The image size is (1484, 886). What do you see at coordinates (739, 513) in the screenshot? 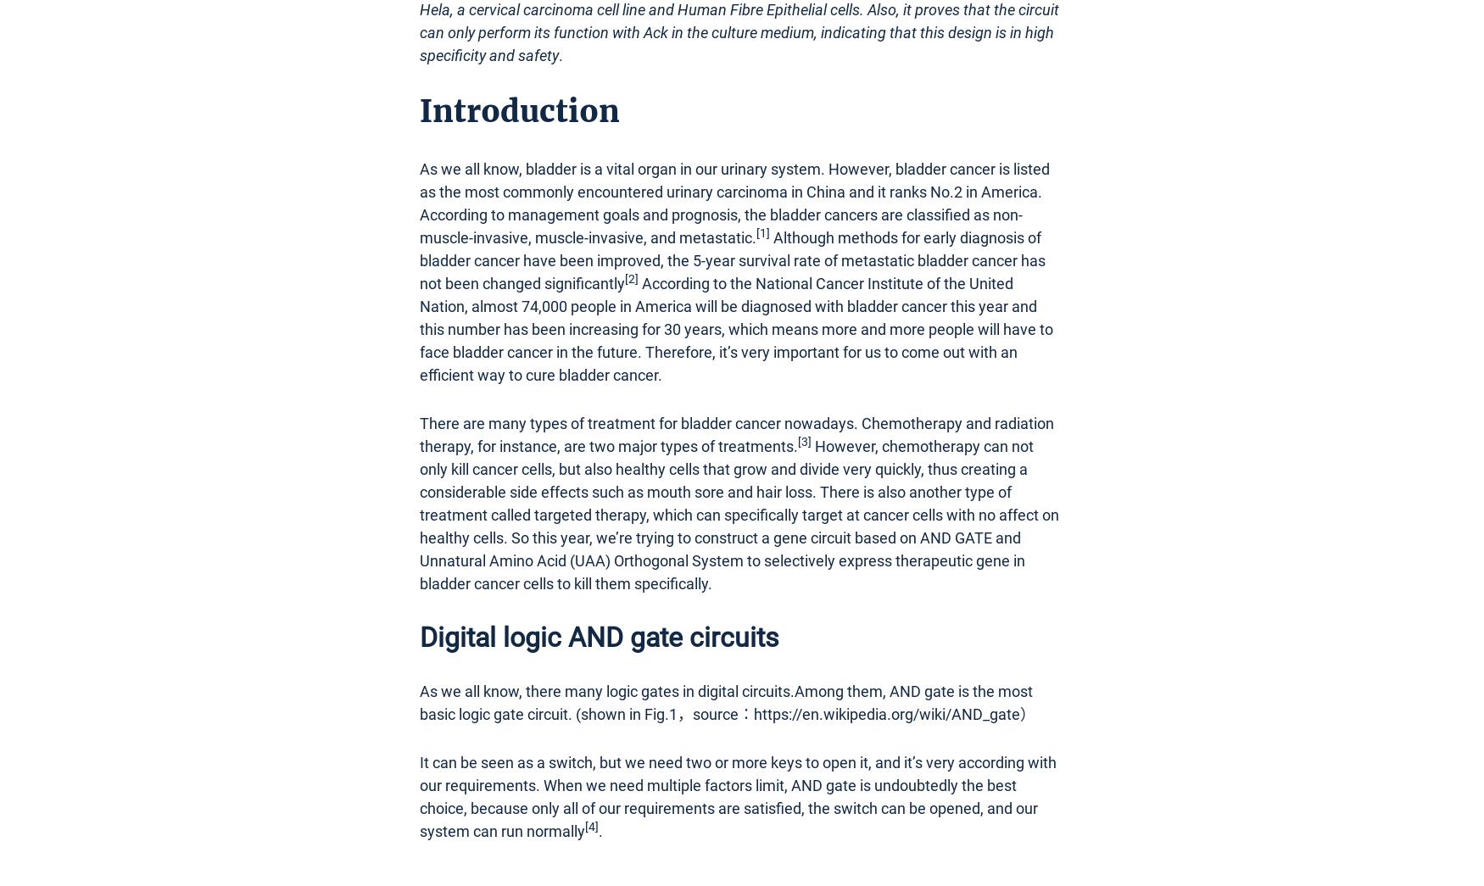
I see `'However, chemotherapy can not only kill cancer cells, but also healthy cells that grow and divide very quickly, thus creating a considerable side effects such as mouth sore and hair loss. There is also another type of treatment called targeted therapy, which can specifically target at cancer cells with no affect on healthy cells. So this year, we’re trying to construct a gene circuit based on AND GATE and Unnatural Amino Acid (UAA) Orthogonal System to selectively express therapeutic gene in bladder cancer cells to kill them specifically.'` at bounding box center [739, 513].